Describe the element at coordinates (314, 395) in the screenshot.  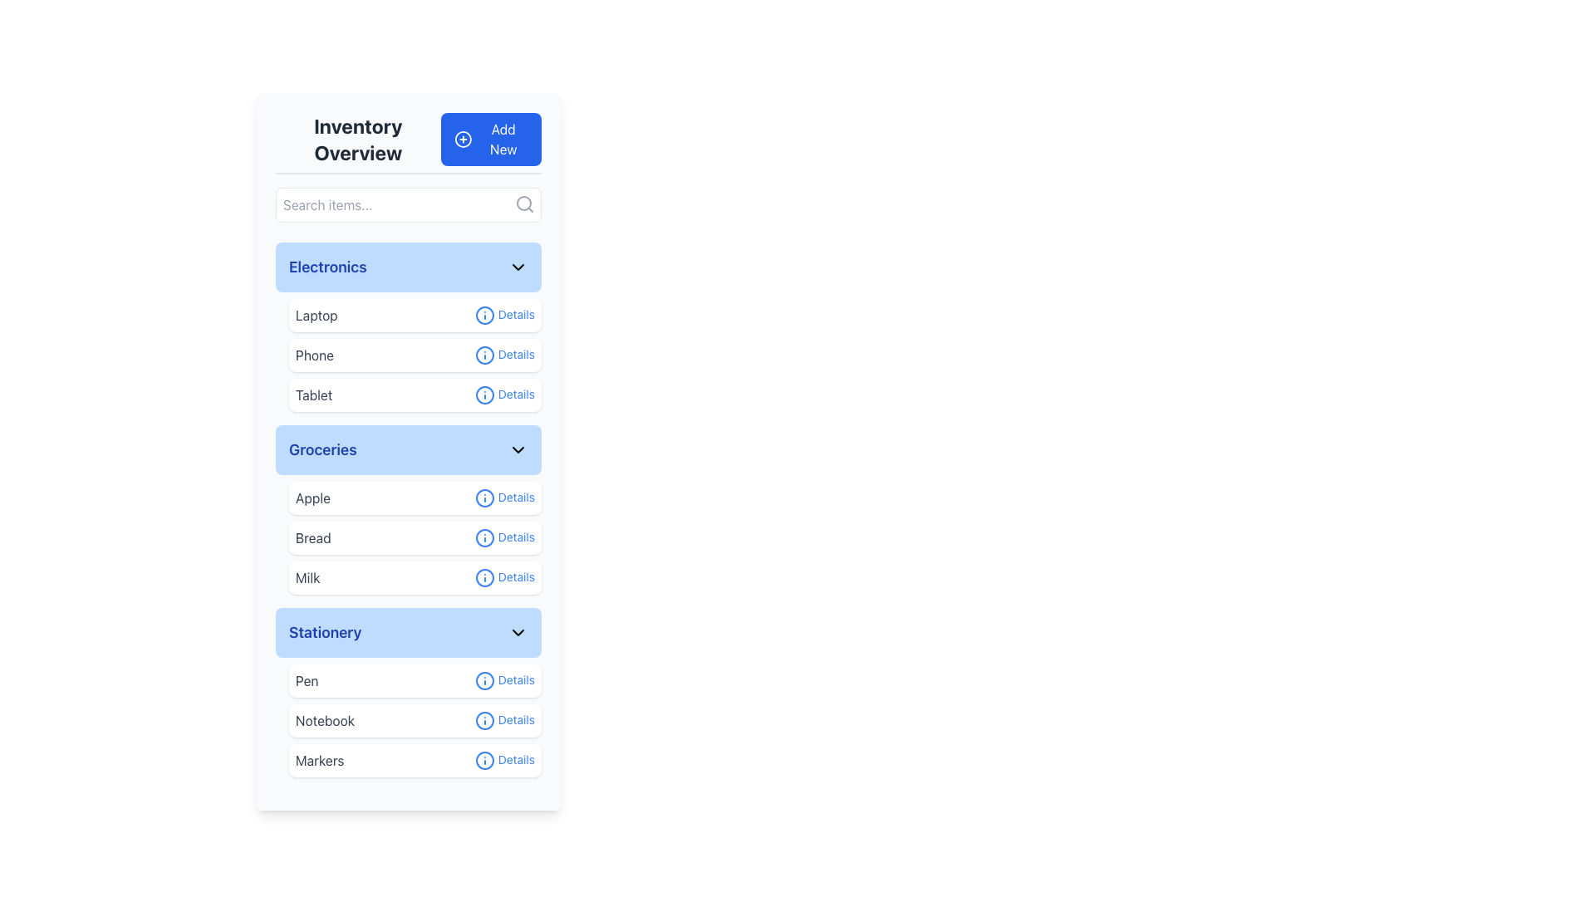
I see `the 'Tablet' text label located in the 'Electronics' section, which is the third item in the list, positioned below 'Laptop' and 'Phone'` at that location.